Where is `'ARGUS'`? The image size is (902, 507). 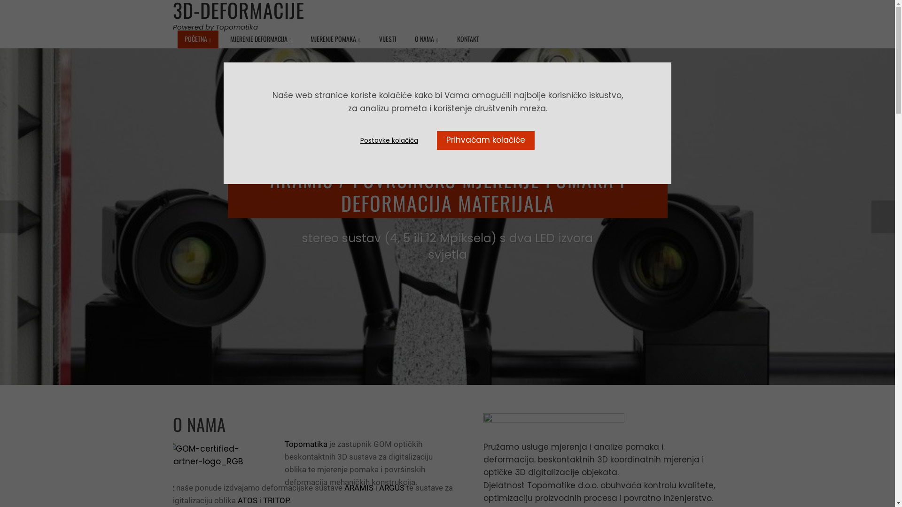
'ARGUS' is located at coordinates (391, 487).